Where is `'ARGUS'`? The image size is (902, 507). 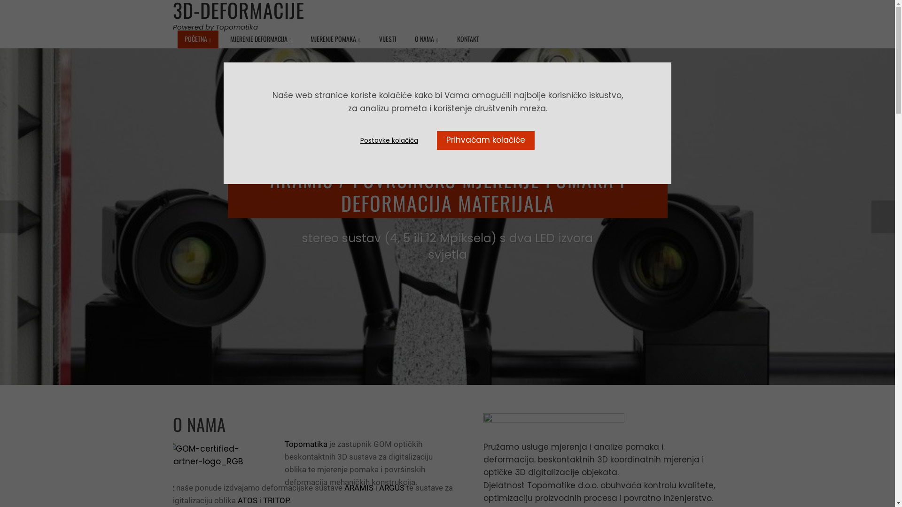
'ARGUS' is located at coordinates (391, 487).